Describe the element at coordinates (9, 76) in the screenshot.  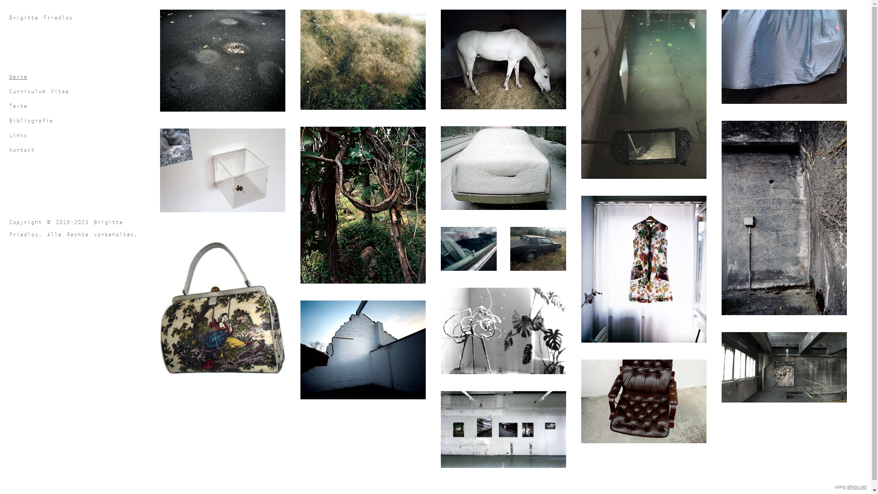
I see `'Werke'` at that location.